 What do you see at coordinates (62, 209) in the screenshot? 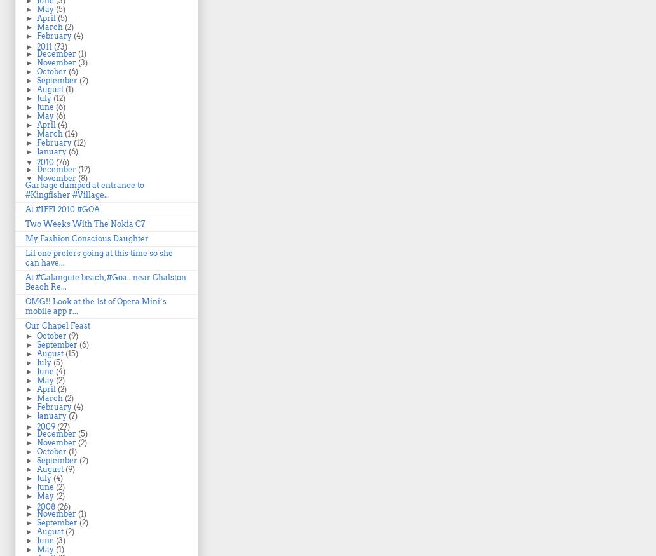
I see `'At #IFFI 2010 #GOA'` at bounding box center [62, 209].